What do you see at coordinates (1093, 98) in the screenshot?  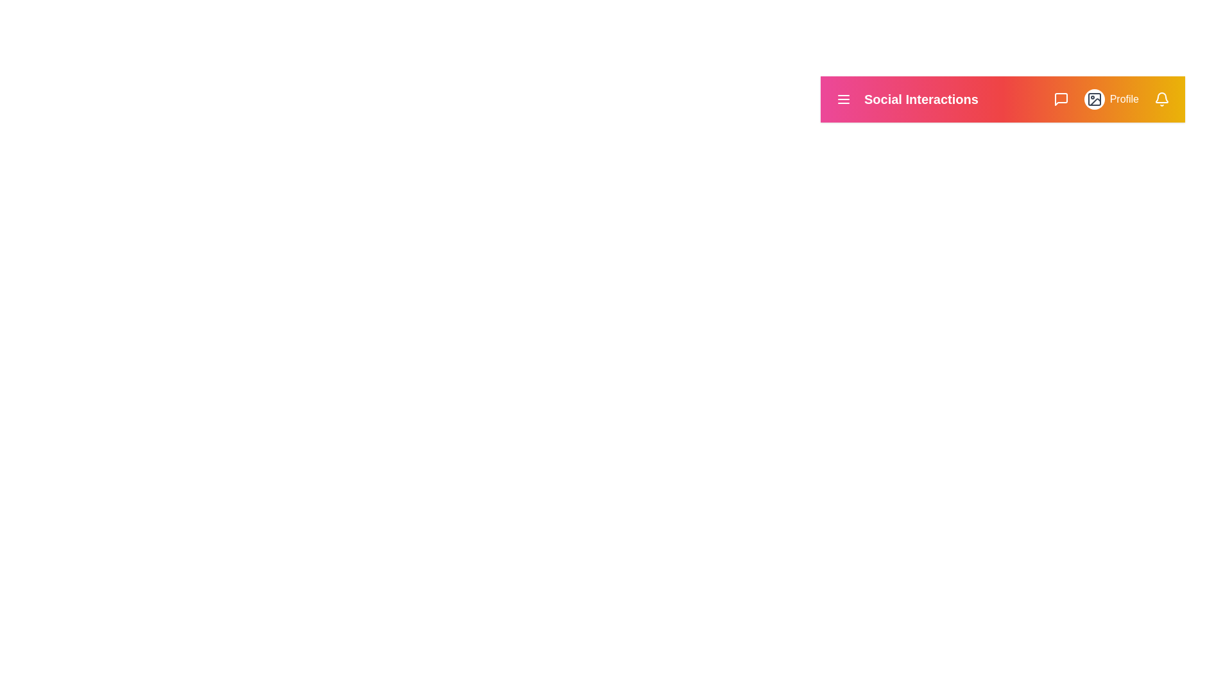 I see `the profile image to open profile options` at bounding box center [1093, 98].